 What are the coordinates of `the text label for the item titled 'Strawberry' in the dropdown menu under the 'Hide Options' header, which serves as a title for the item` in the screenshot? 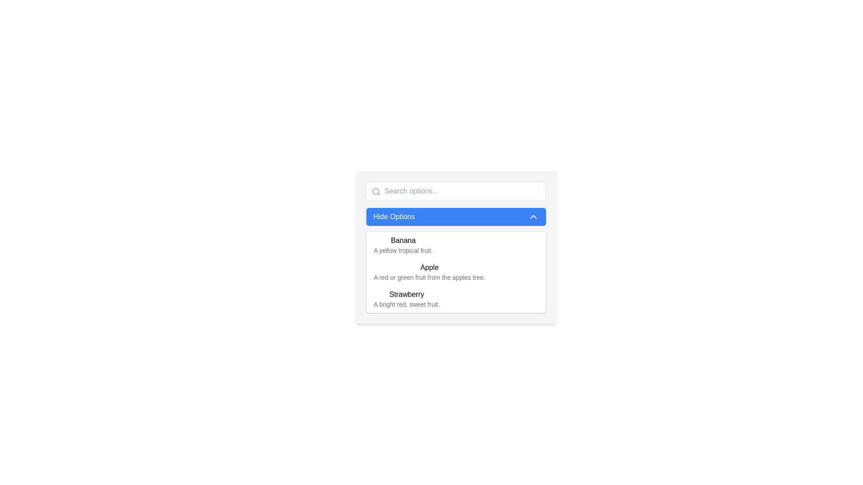 It's located at (406, 294).